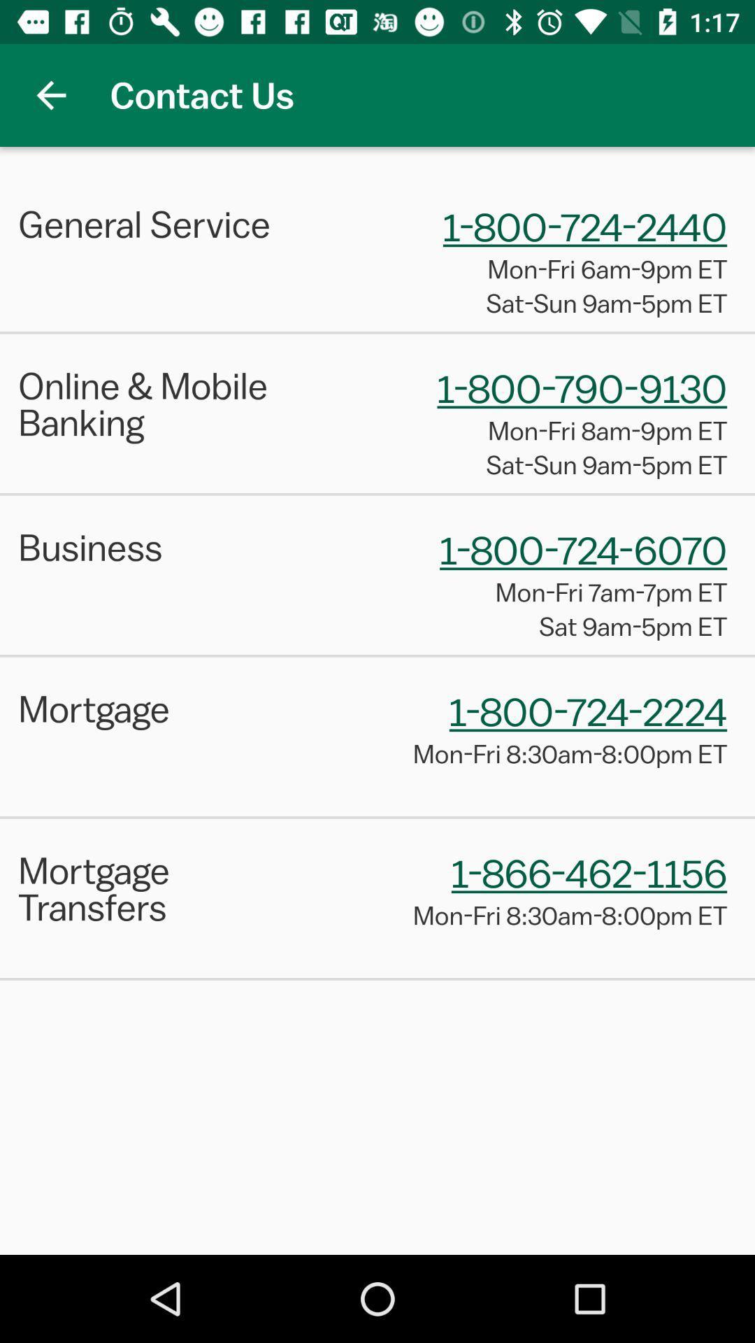 This screenshot has width=755, height=1343. I want to click on the item above the mortgage transfers, so click(377, 817).